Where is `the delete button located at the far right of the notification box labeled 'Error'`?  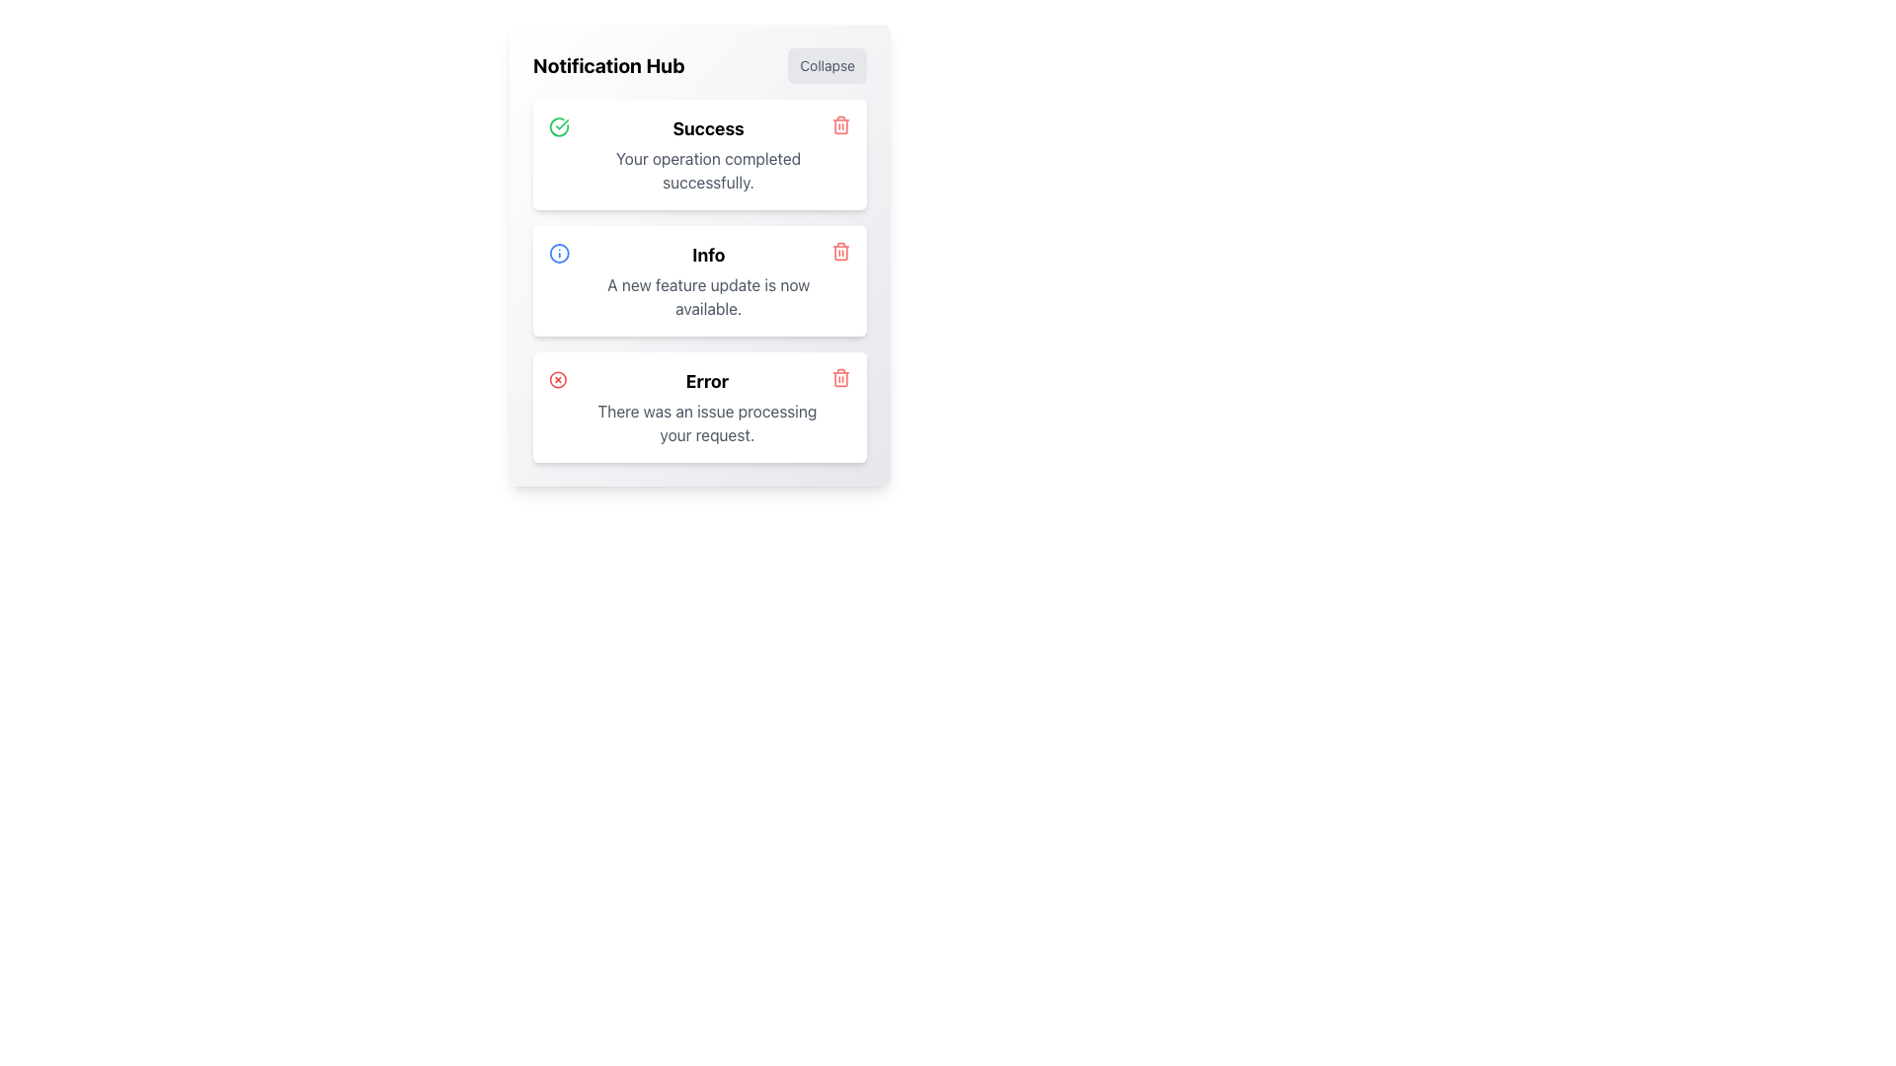 the delete button located at the far right of the notification box labeled 'Error' is located at coordinates (840, 377).